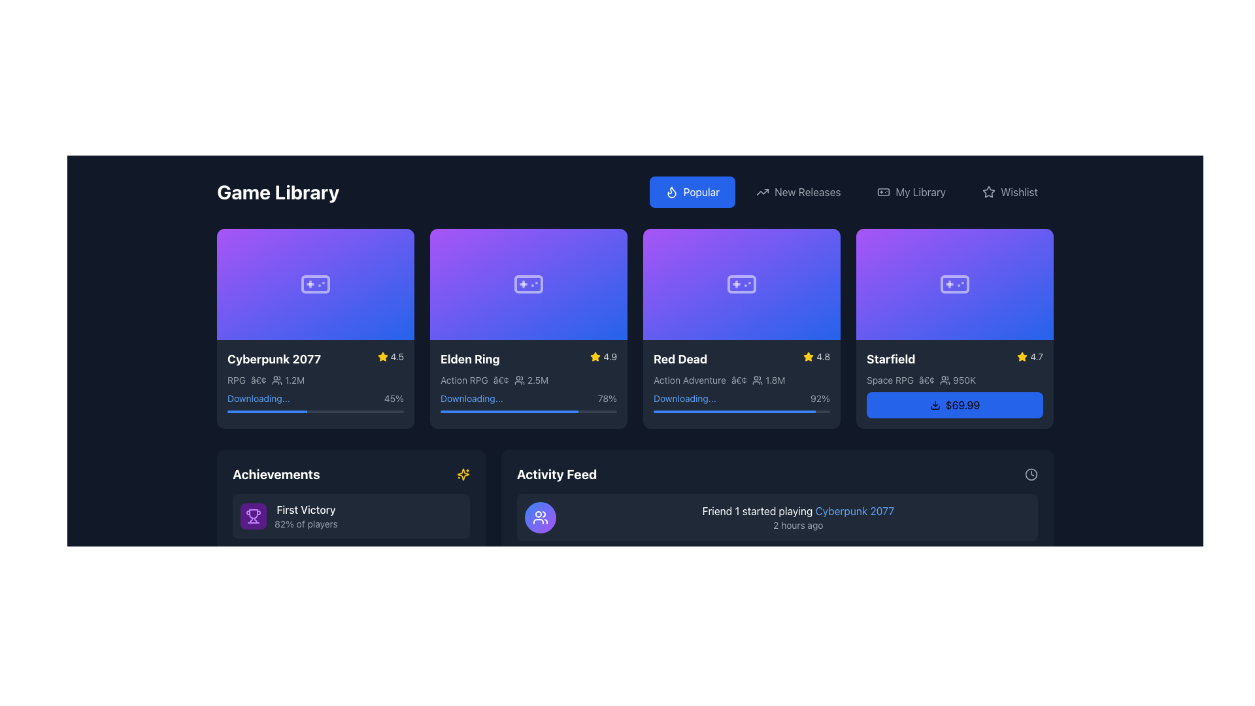 The image size is (1255, 706). I want to click on the progress status of the 'Downloading...78%' Progress Indicator located within the 'Elden Ring' game card, so click(529, 401).